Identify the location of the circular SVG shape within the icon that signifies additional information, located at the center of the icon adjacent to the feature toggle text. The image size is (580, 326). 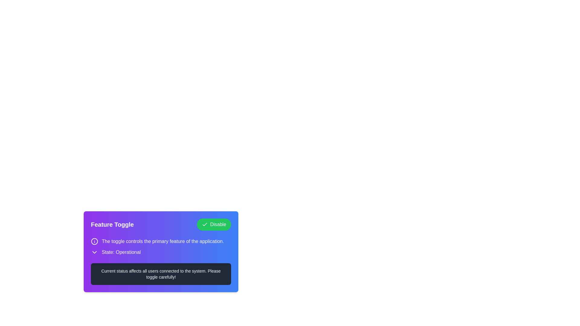
(94, 241).